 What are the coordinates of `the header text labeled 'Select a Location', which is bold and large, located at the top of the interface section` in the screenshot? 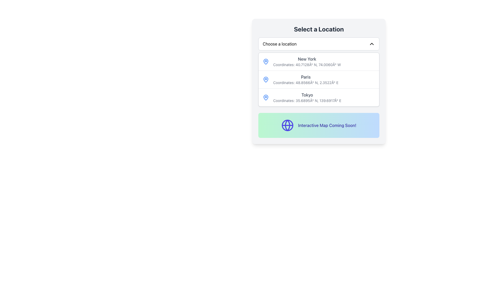 It's located at (319, 29).